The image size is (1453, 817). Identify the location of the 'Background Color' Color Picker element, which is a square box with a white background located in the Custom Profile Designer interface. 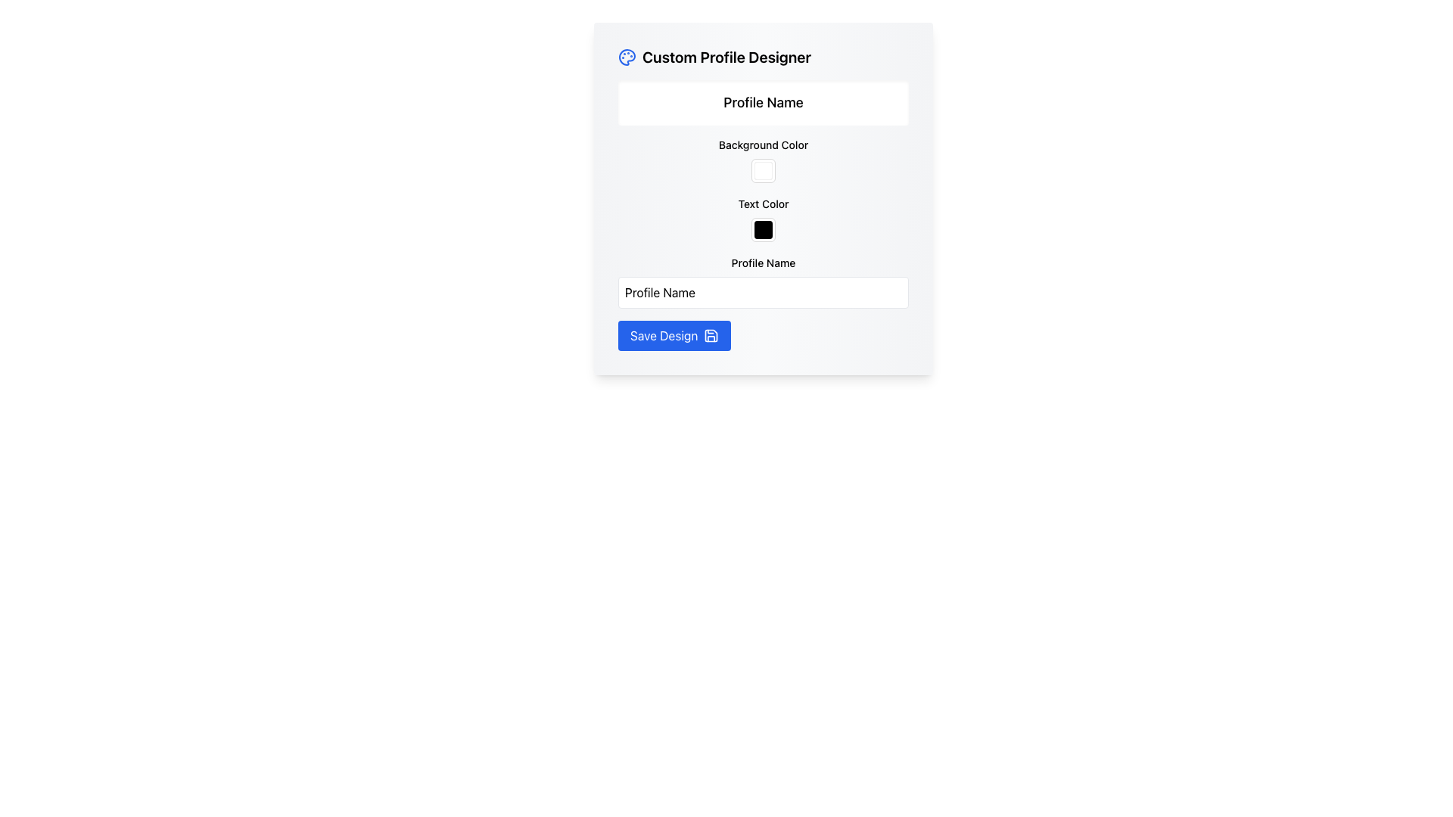
(763, 160).